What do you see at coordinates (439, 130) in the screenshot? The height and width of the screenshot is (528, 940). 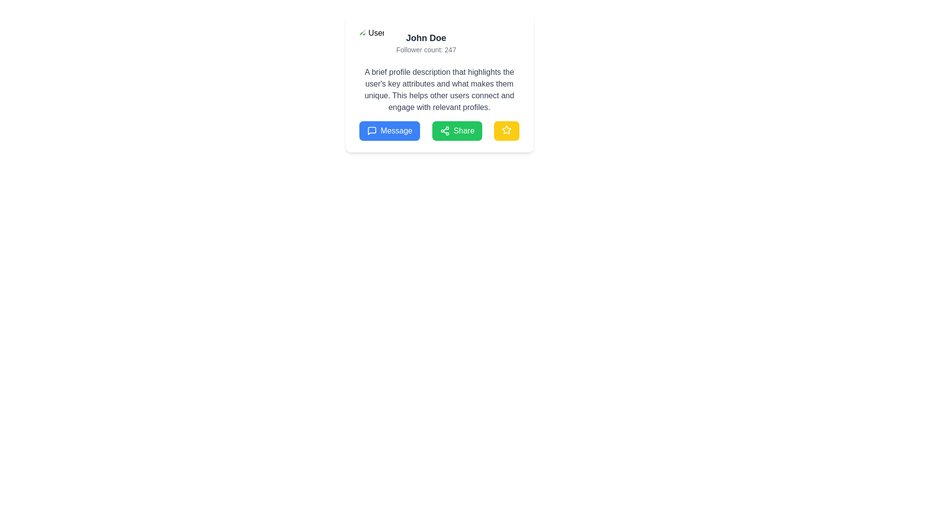 I see `the green 'Share' button located between the 'Message' button and a yellow star button at the bottom of the card` at bounding box center [439, 130].